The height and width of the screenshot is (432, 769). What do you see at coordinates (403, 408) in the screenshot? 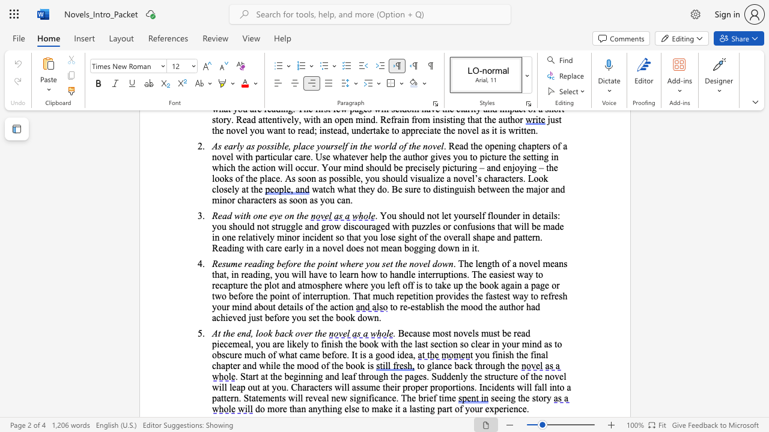
I see `the subset text "a lasting part of yo" within the text "do more than anything else to make it a lasting part of your experience."` at bounding box center [403, 408].